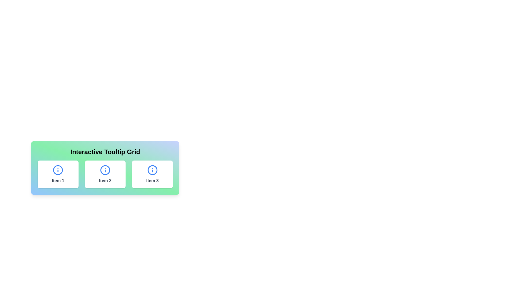 Image resolution: width=513 pixels, height=288 pixels. Describe the element at coordinates (152, 170) in the screenshot. I see `the SVG Circle located in the center of the third column of the grid, which visually represents information or an interactive element` at that location.